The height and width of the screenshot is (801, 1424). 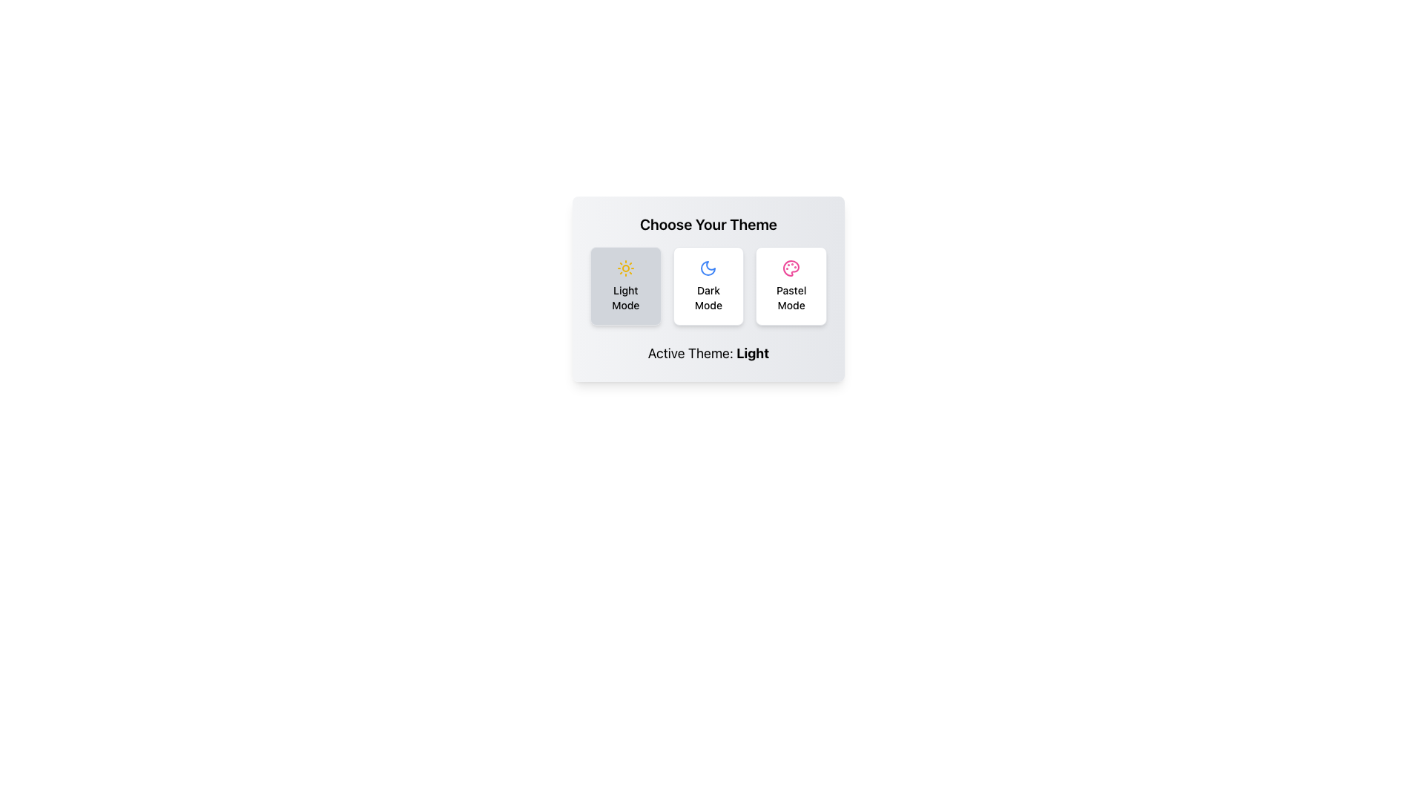 What do you see at coordinates (791, 297) in the screenshot?
I see `the Text Label for the 'Pastel Mode' theme option, which is located below a pink palette icon in the third theme selection box titled 'Choose Your Theme'` at bounding box center [791, 297].